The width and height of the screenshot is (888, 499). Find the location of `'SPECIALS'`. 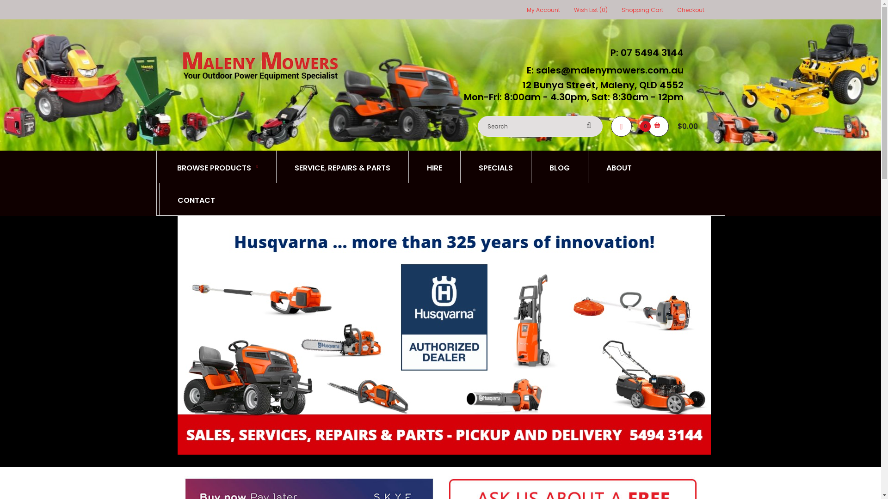

'SPECIALS' is located at coordinates (495, 167).